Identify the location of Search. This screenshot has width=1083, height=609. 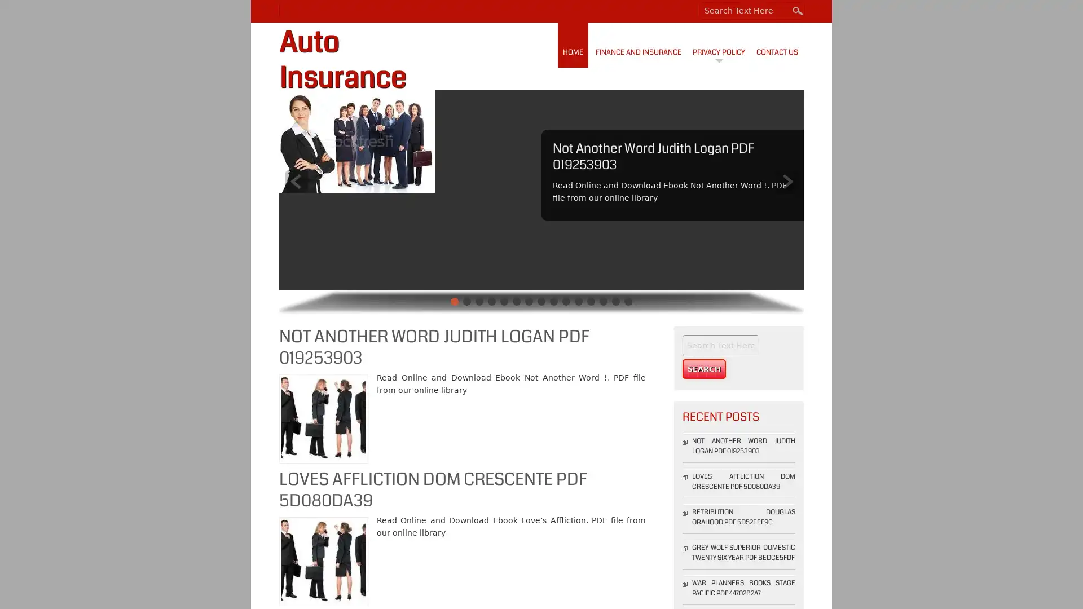
(703, 369).